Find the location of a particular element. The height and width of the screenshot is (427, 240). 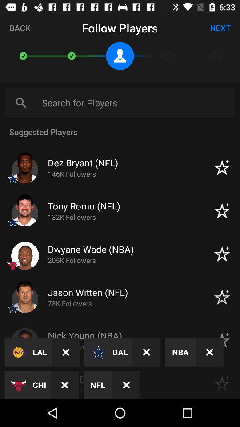

the close icon is located at coordinates (64, 384).